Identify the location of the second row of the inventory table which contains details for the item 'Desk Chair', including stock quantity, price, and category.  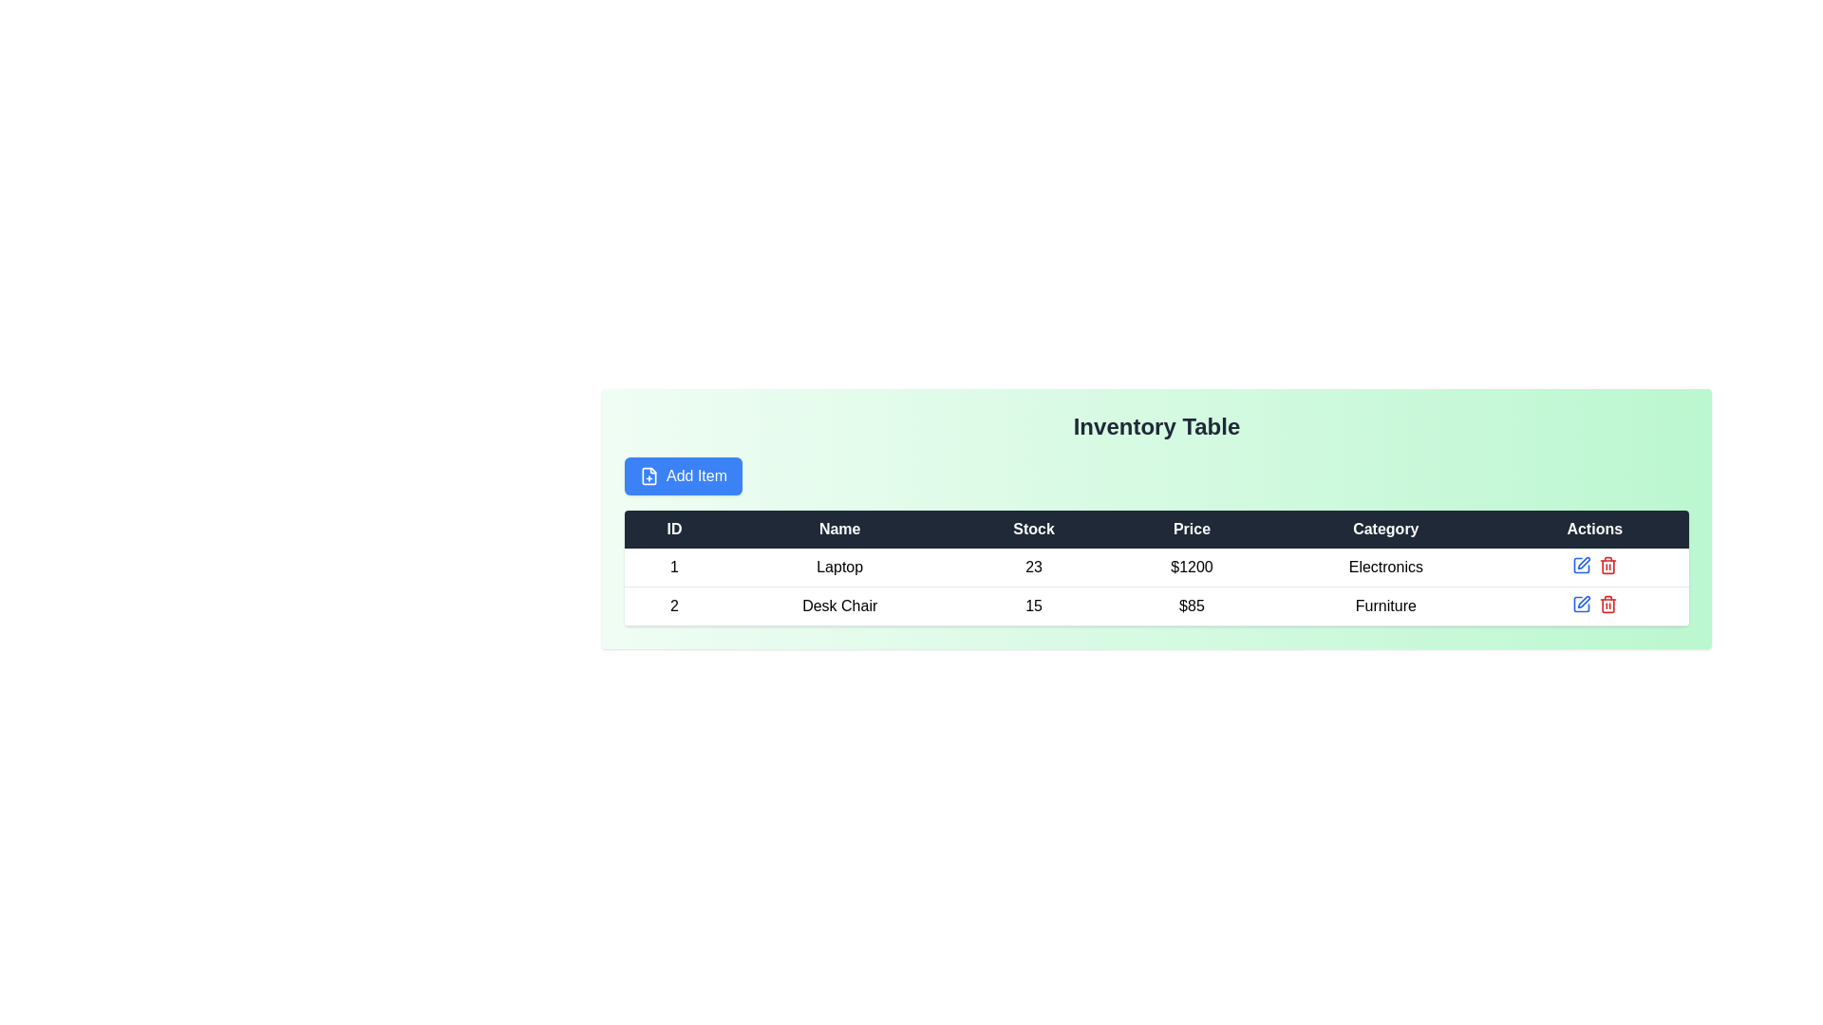
(1156, 586).